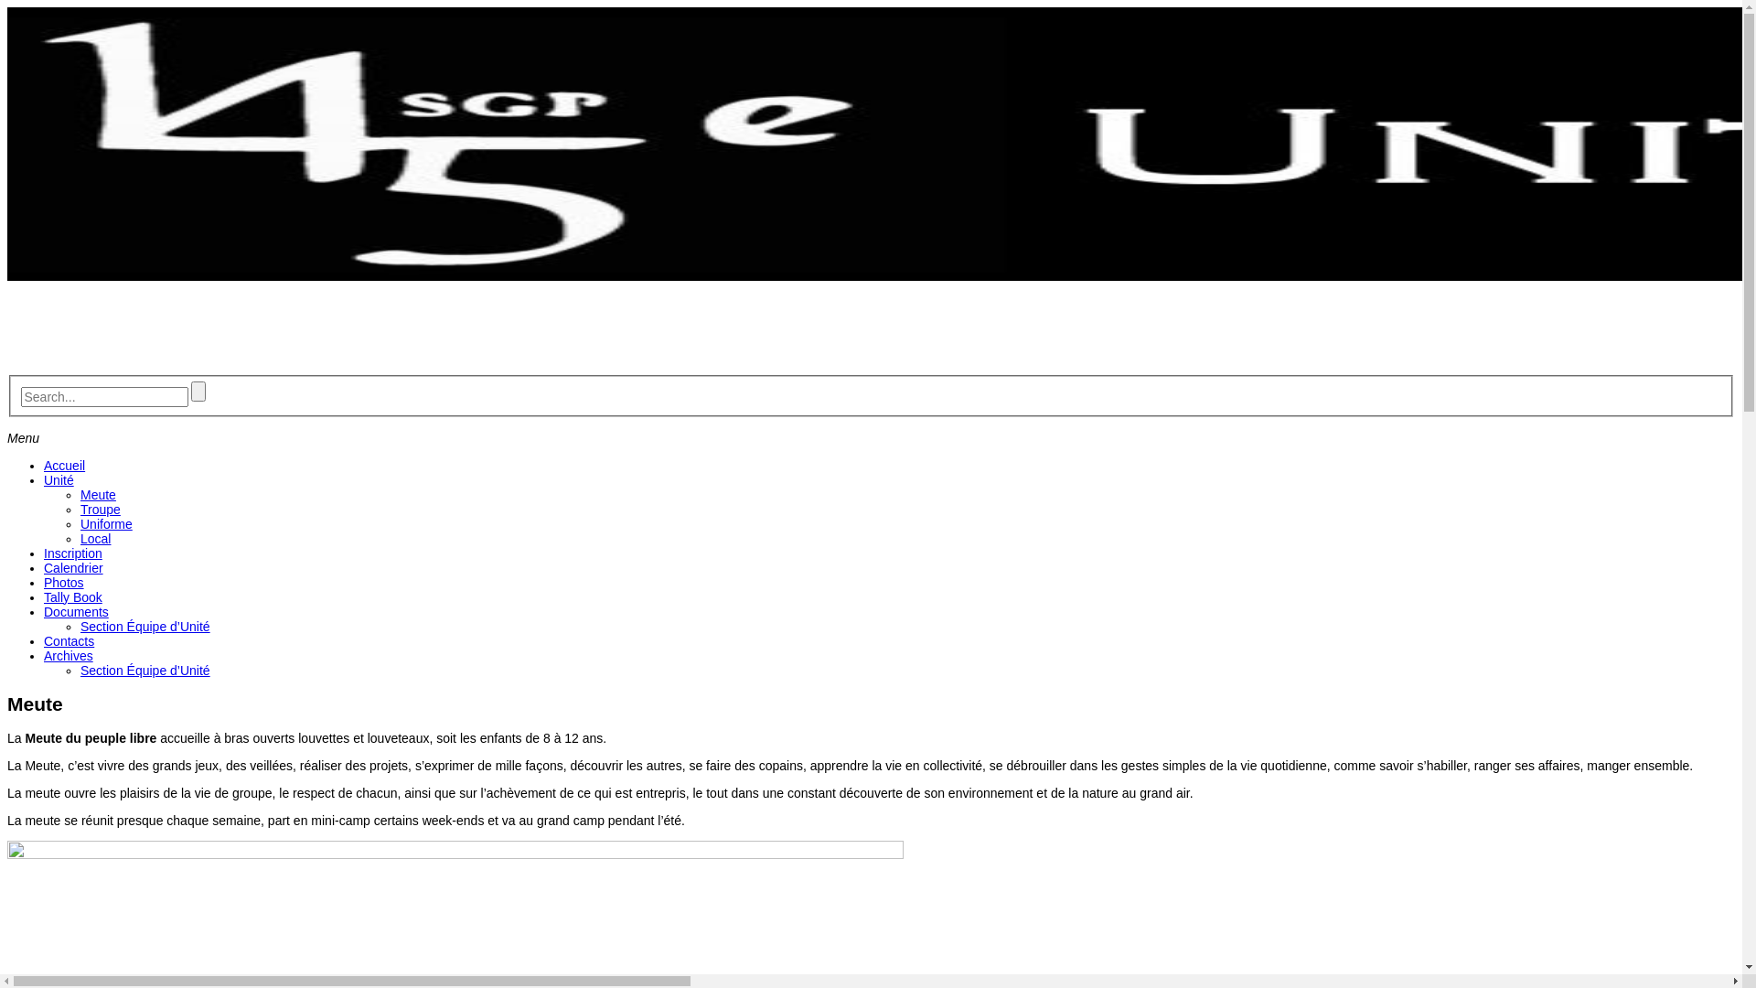 This screenshot has width=1756, height=988. Describe the element at coordinates (73, 567) in the screenshot. I see `'Calendrier'` at that location.